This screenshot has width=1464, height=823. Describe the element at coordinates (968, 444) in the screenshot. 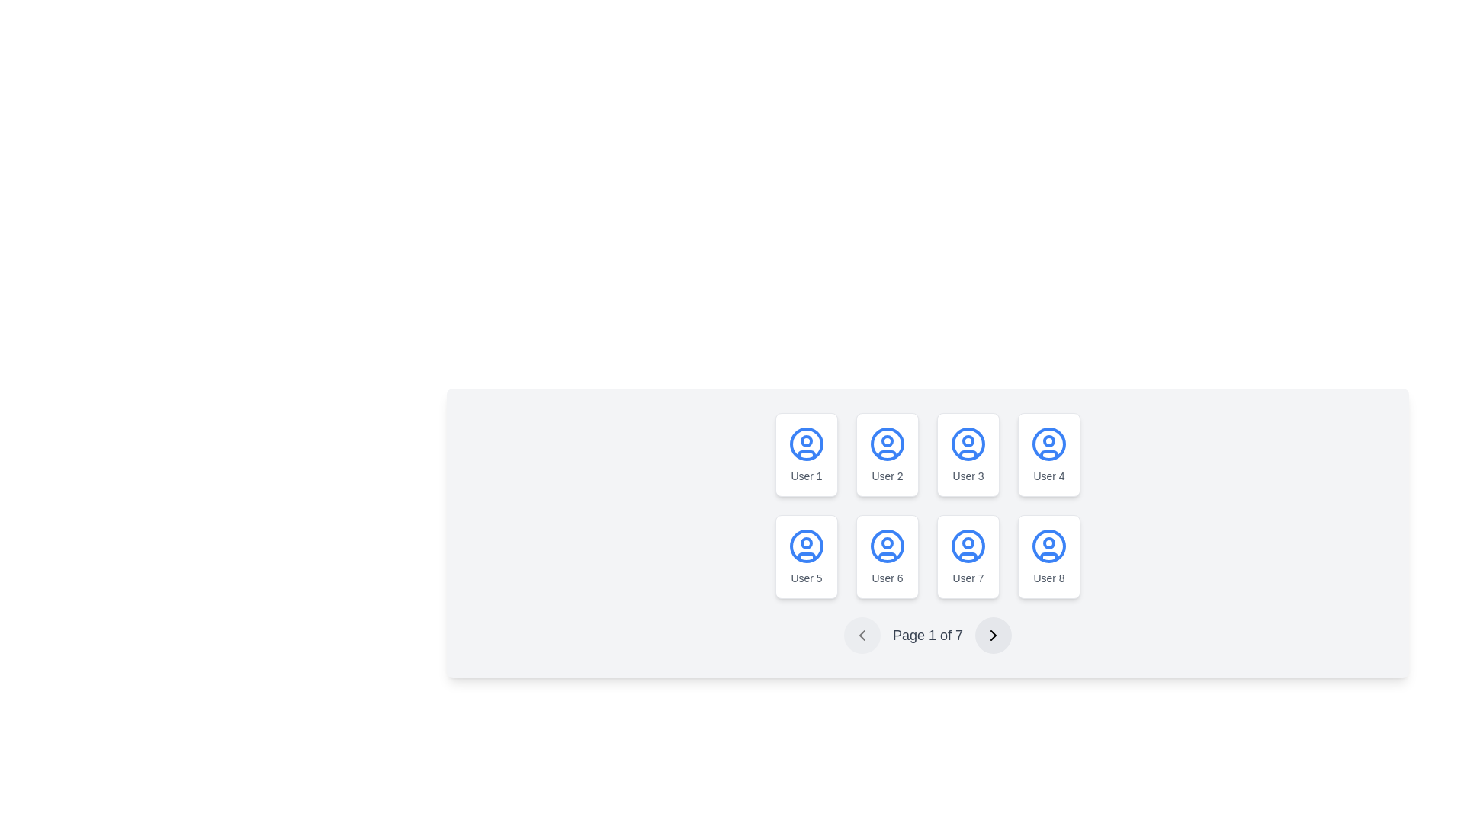

I see `the outermost circular element styled with a single-colored outline in the user icon representing 'User 3' on the third user card` at that location.